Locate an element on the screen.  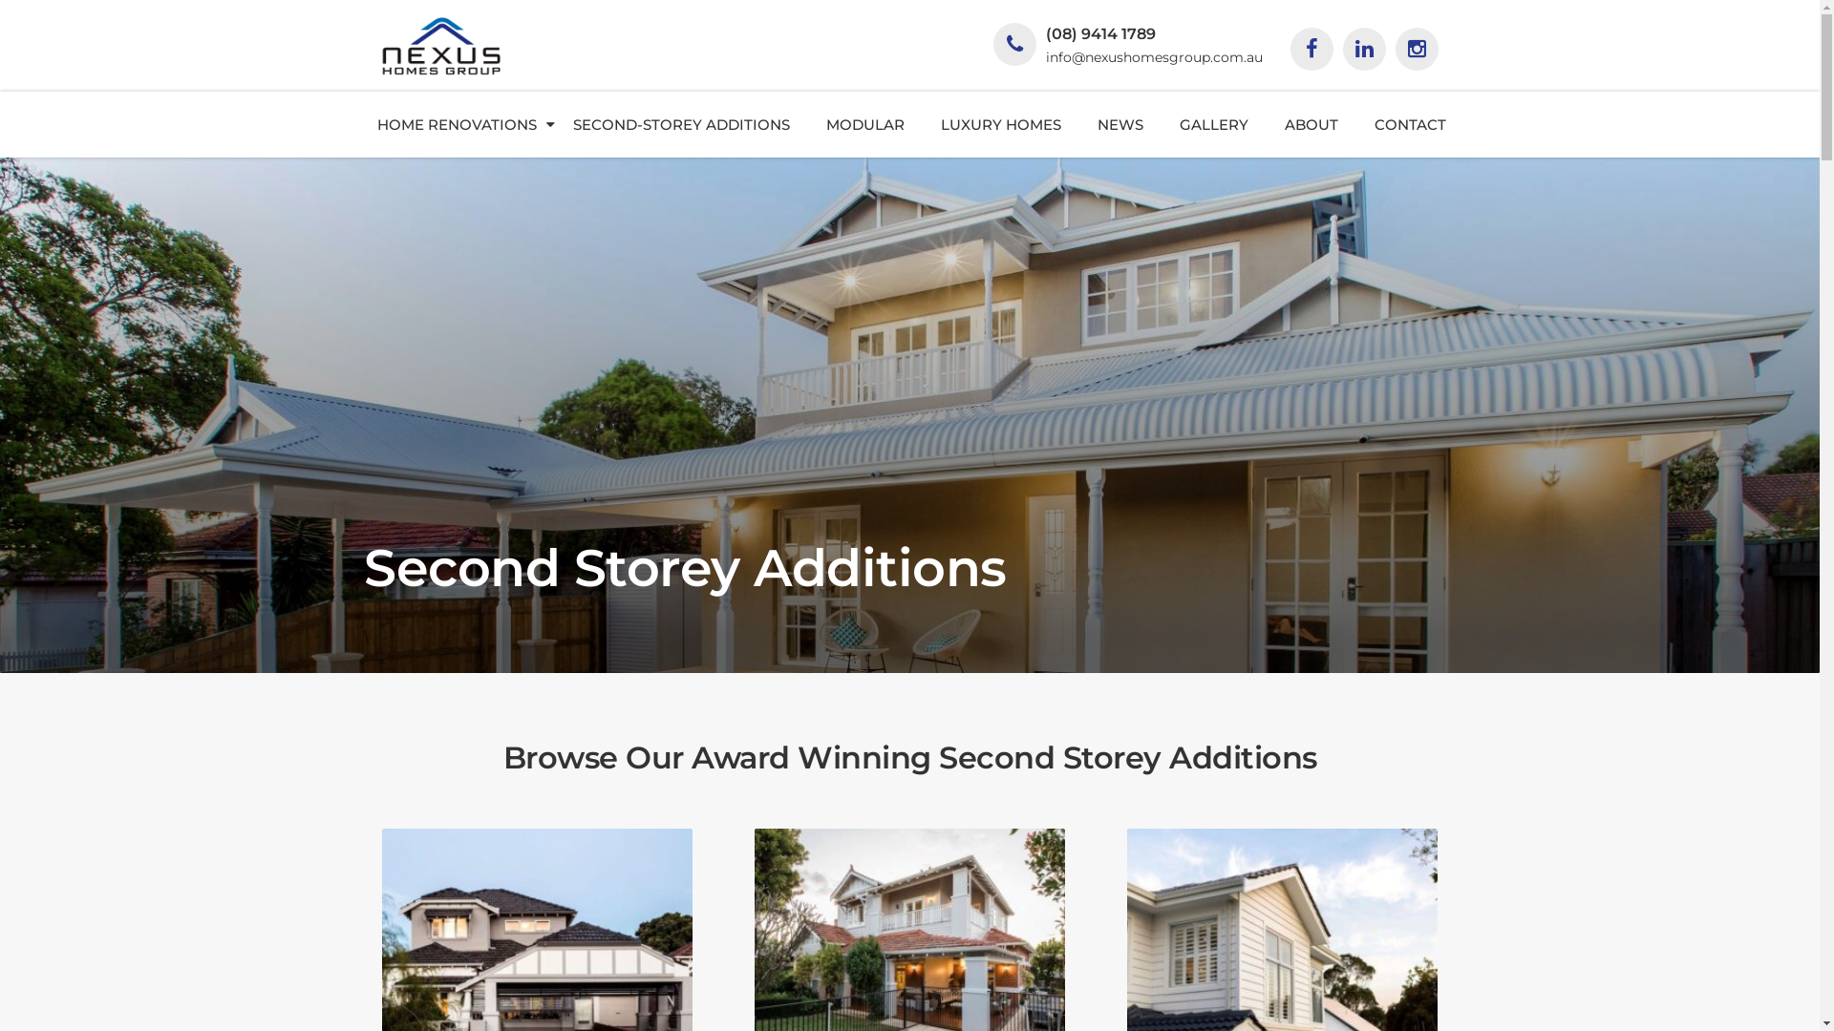
'NEWS' is located at coordinates (1120, 124).